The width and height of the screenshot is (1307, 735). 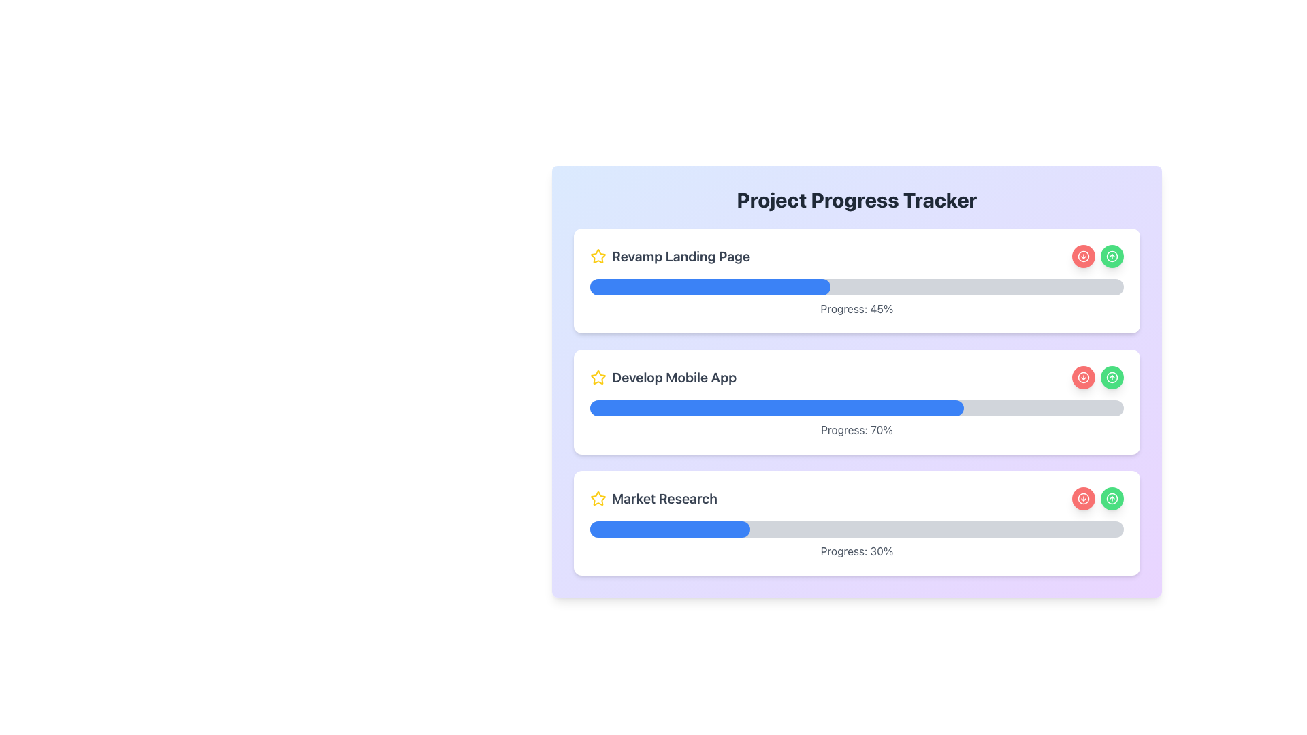 What do you see at coordinates (1083, 257) in the screenshot?
I see `the first interactive button in the uppermost progress tracker row on the right side to mark an item as completed, rejected, or to initiate a related action` at bounding box center [1083, 257].